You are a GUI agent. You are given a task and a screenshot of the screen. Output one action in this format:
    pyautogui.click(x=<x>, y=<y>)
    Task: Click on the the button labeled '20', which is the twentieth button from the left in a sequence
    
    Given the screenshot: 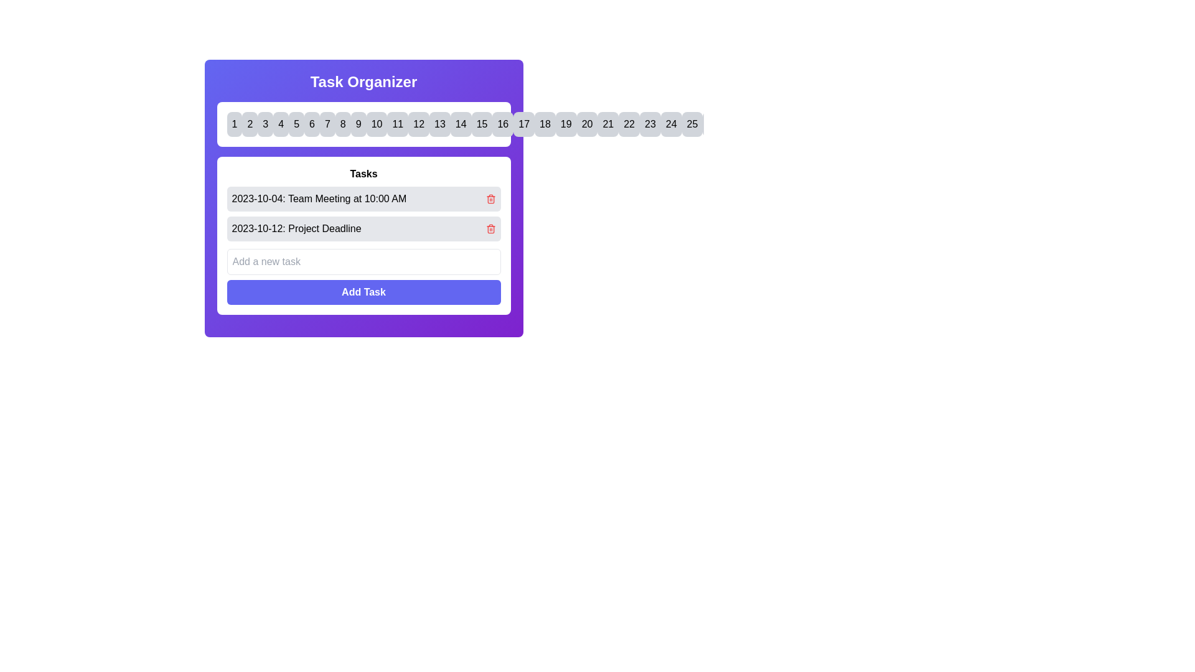 What is the action you would take?
    pyautogui.click(x=586, y=124)
    